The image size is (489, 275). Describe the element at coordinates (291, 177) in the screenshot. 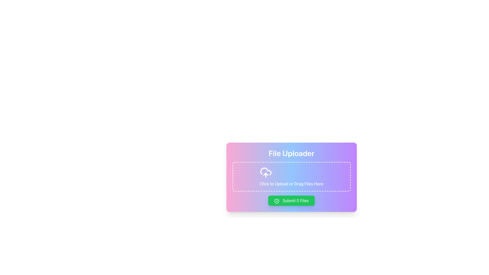

I see `the central upload area of the 'File Uploader' interface to browse files for upload` at that location.